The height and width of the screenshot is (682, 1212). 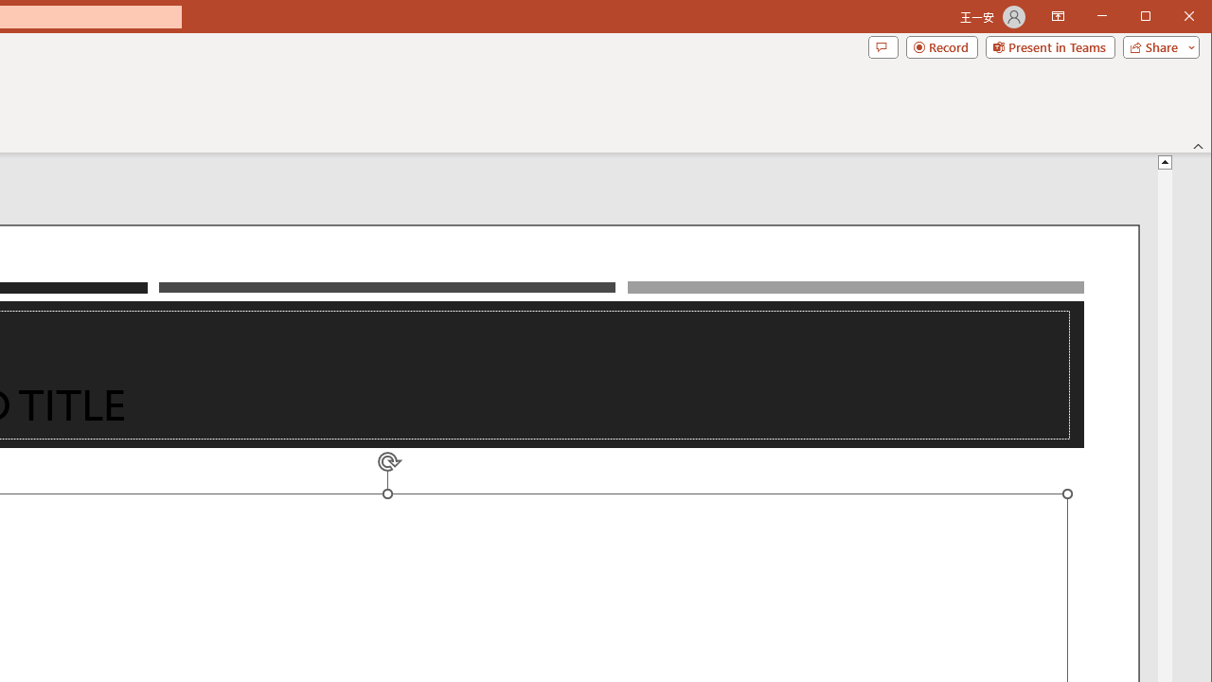 What do you see at coordinates (882, 46) in the screenshot?
I see `'Comments'` at bounding box center [882, 46].